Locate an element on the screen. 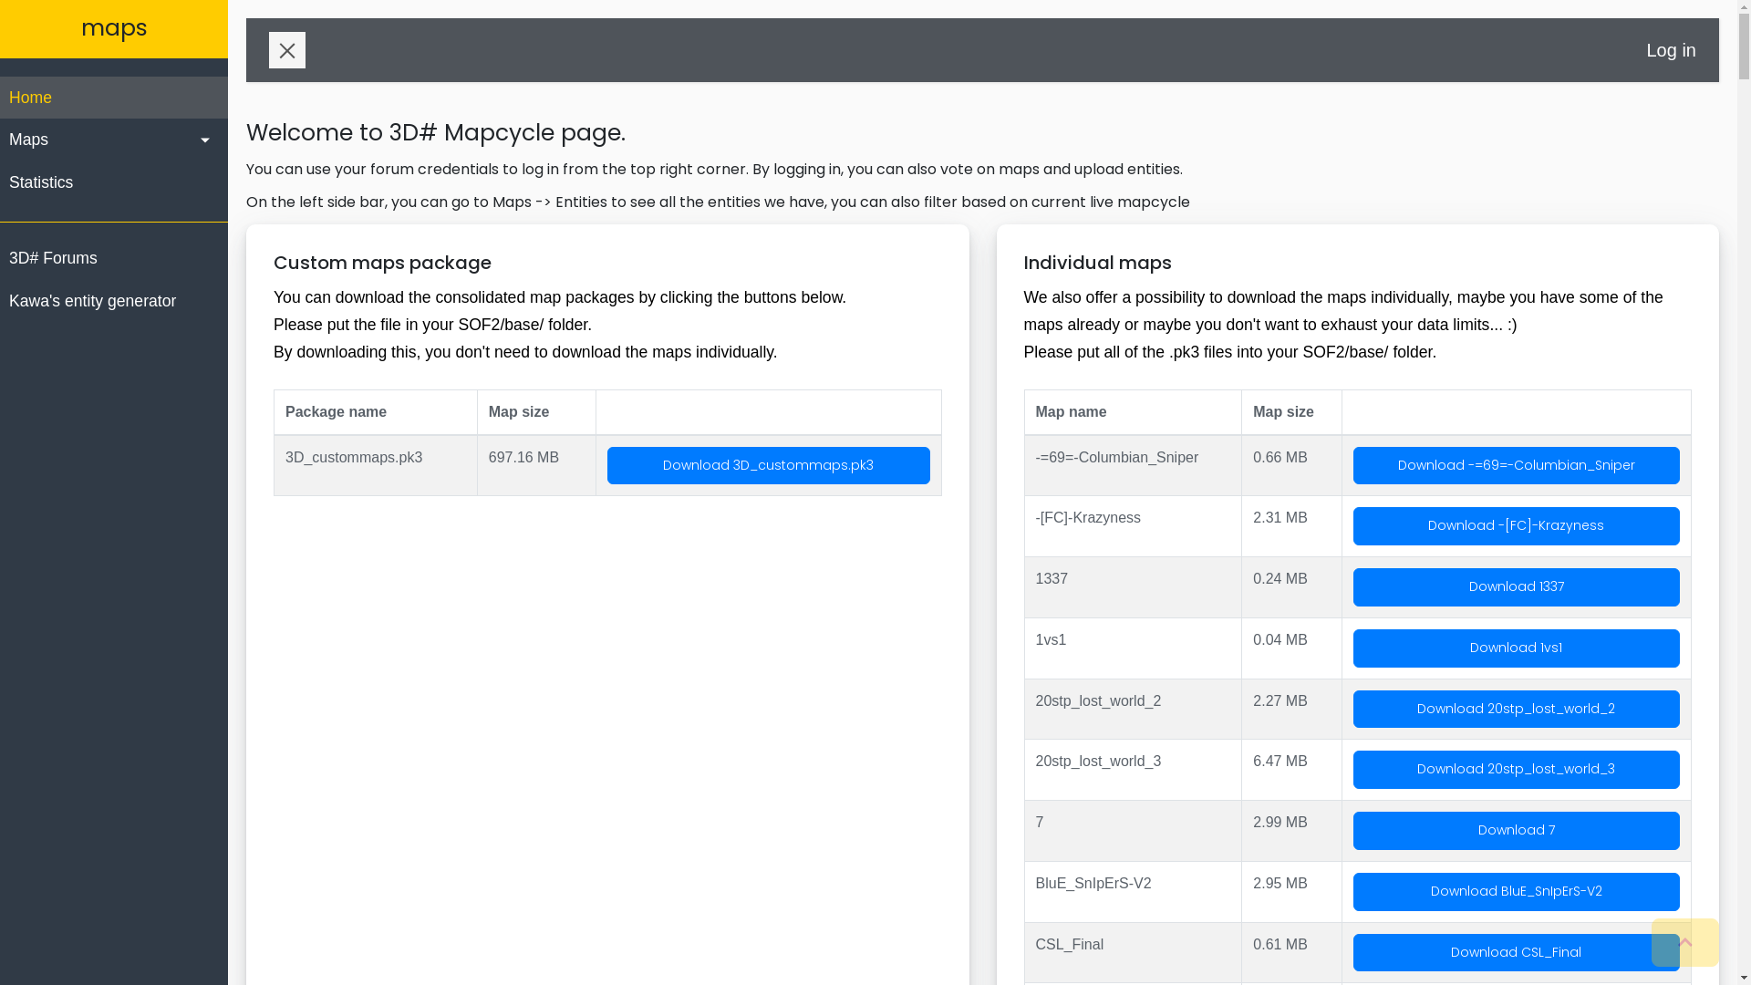 This screenshot has width=1751, height=985. 'Download 1337' is located at coordinates (1516, 587).